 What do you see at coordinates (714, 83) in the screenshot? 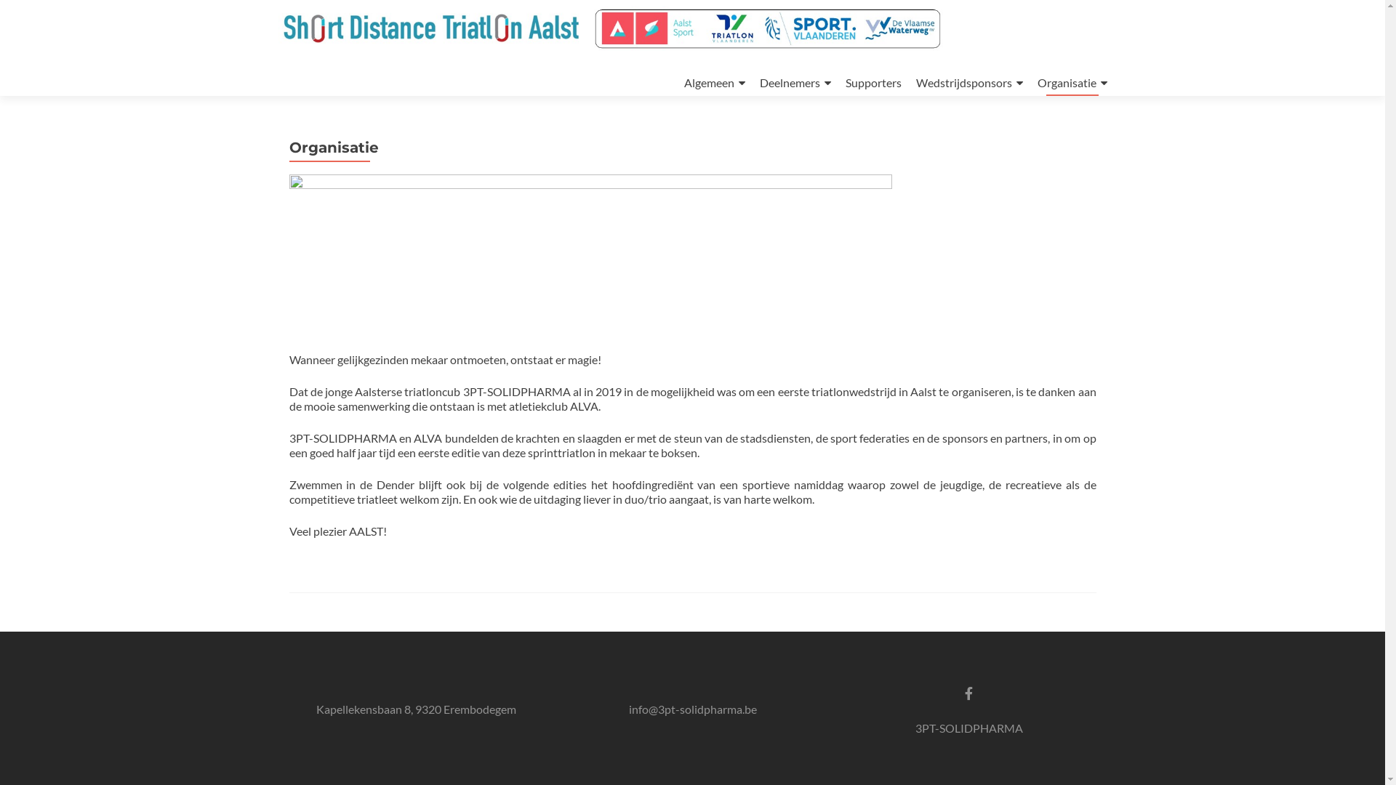
I see `'Algemeen'` at bounding box center [714, 83].